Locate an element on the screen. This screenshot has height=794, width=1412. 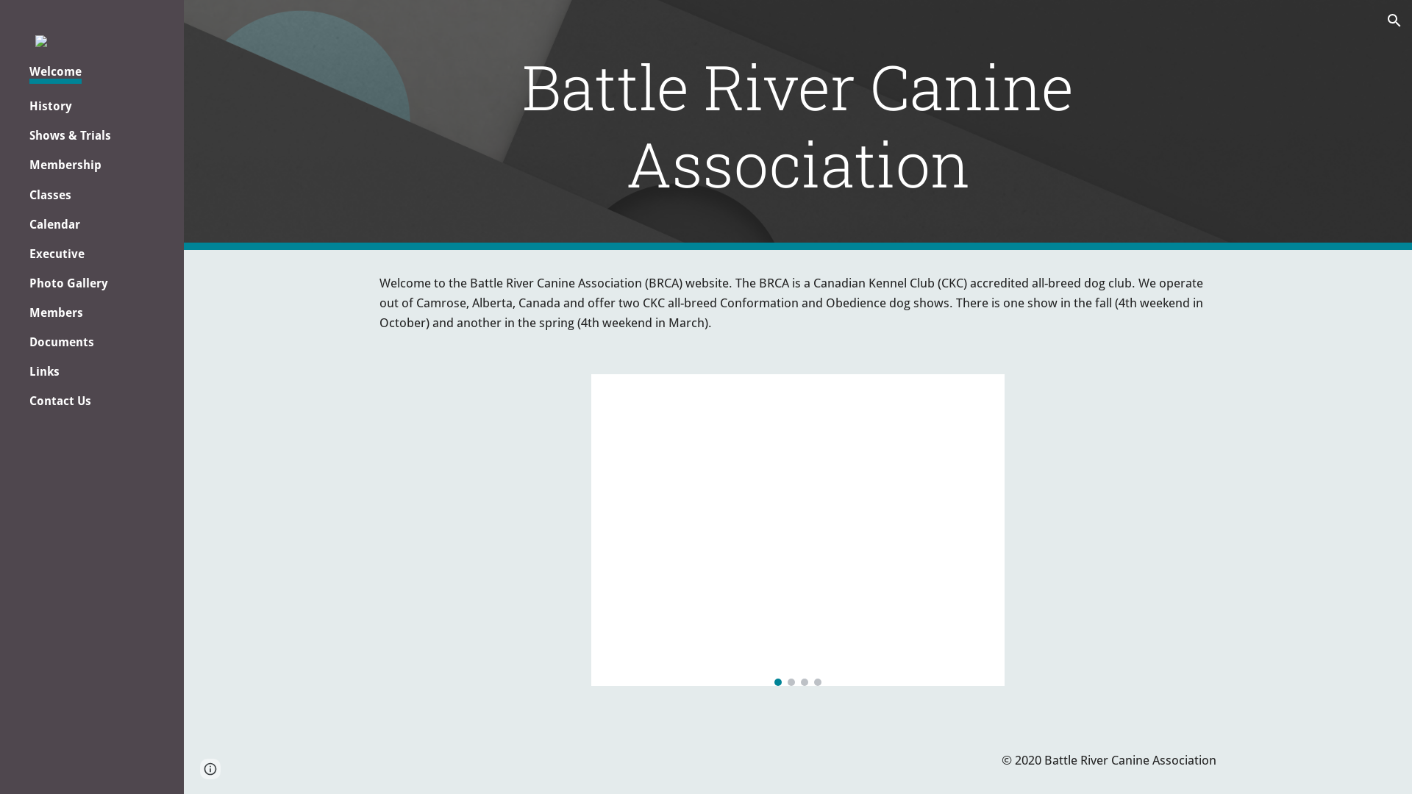
'History' is located at coordinates (50, 105).